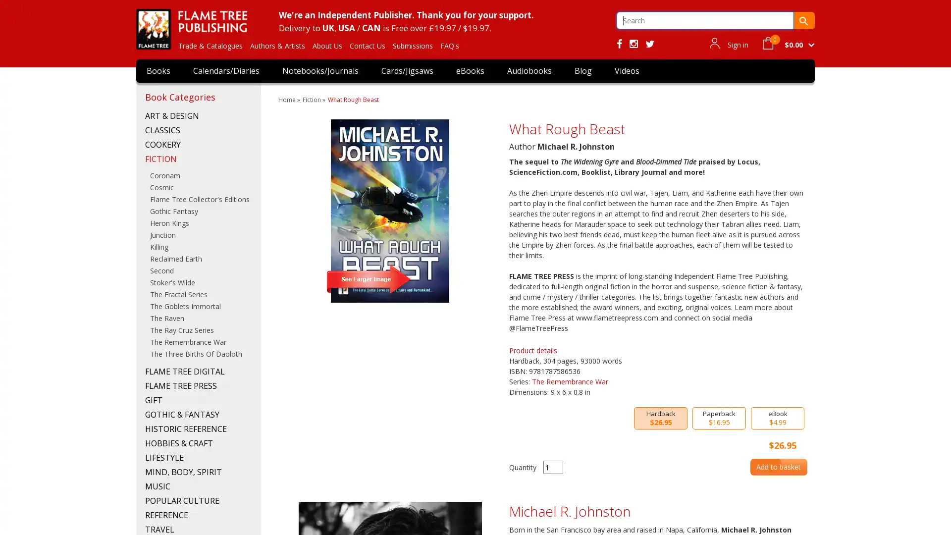 The image size is (951, 535). What do you see at coordinates (778, 467) in the screenshot?
I see `Add to basket` at bounding box center [778, 467].